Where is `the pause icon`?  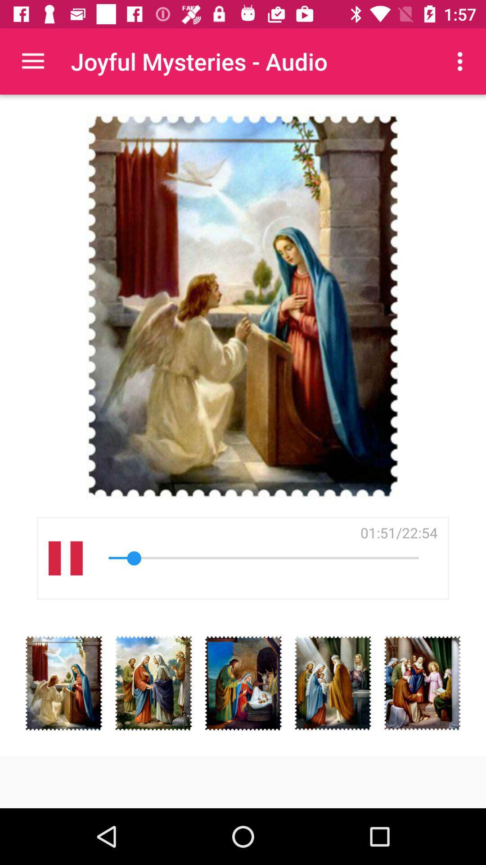
the pause icon is located at coordinates (65, 558).